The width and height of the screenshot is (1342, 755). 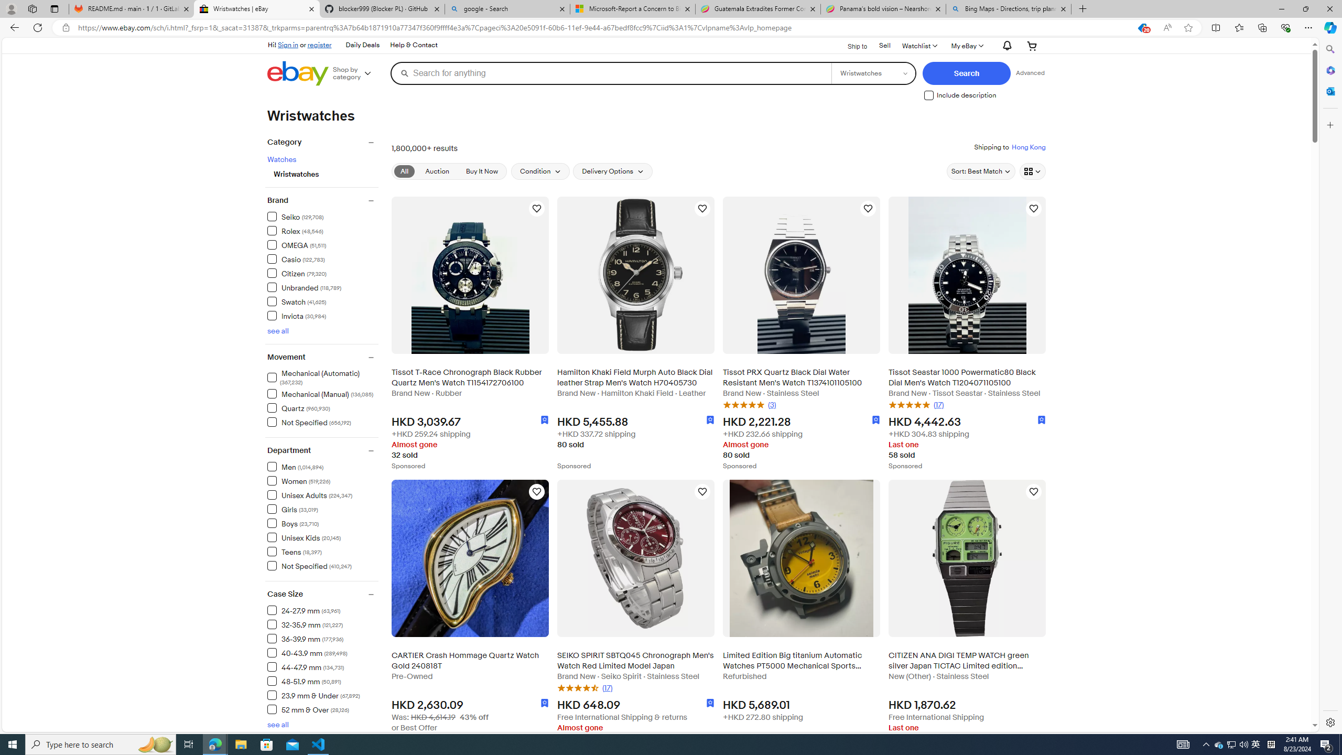 I want to click on 'Expand Cart', so click(x=1032, y=46).